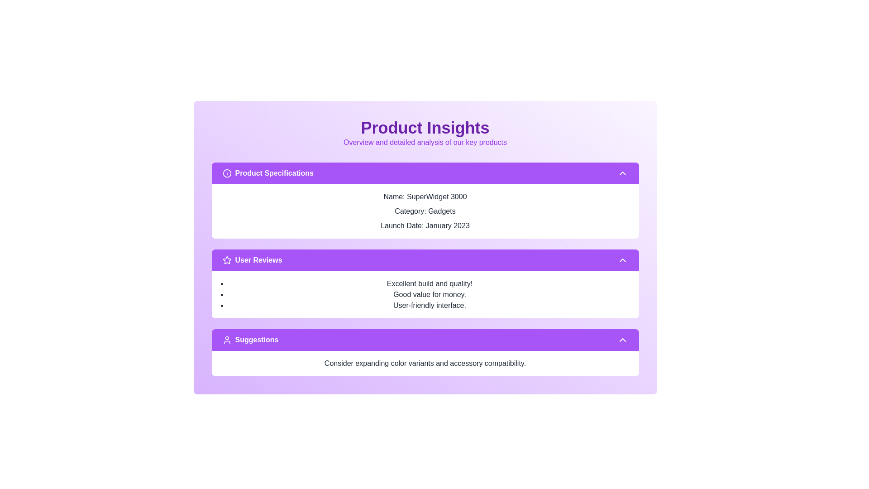 Image resolution: width=869 pixels, height=489 pixels. I want to click on the 'User Reviews' section header, so click(258, 260).